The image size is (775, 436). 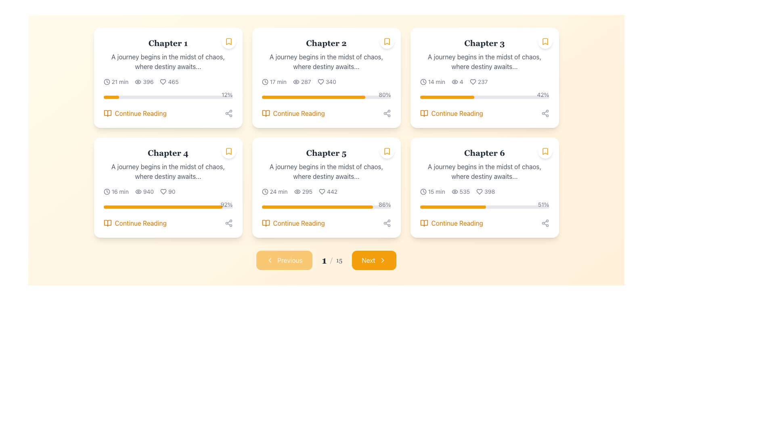 What do you see at coordinates (266, 113) in the screenshot?
I see `the 'Continue Reading' icon located in the second card of the top row` at bounding box center [266, 113].